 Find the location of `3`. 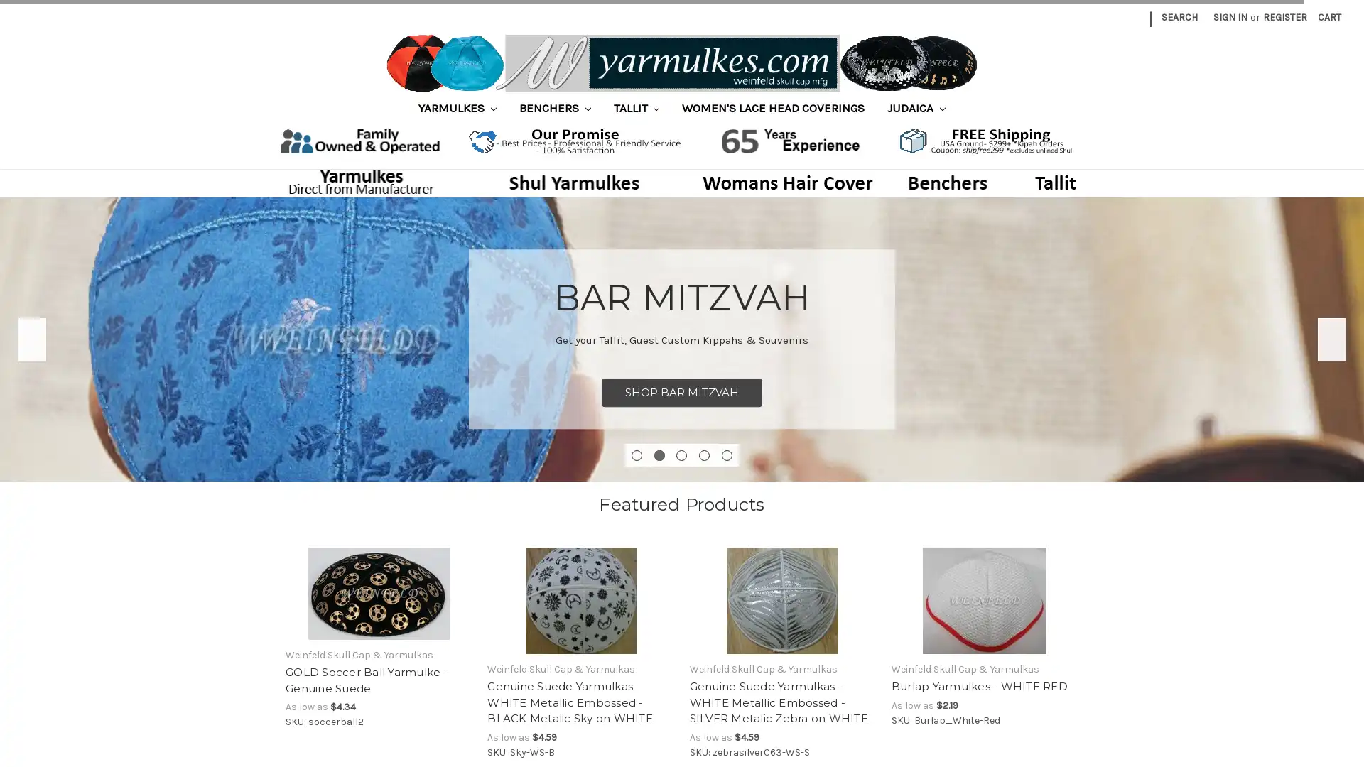

3 is located at coordinates (681, 455).